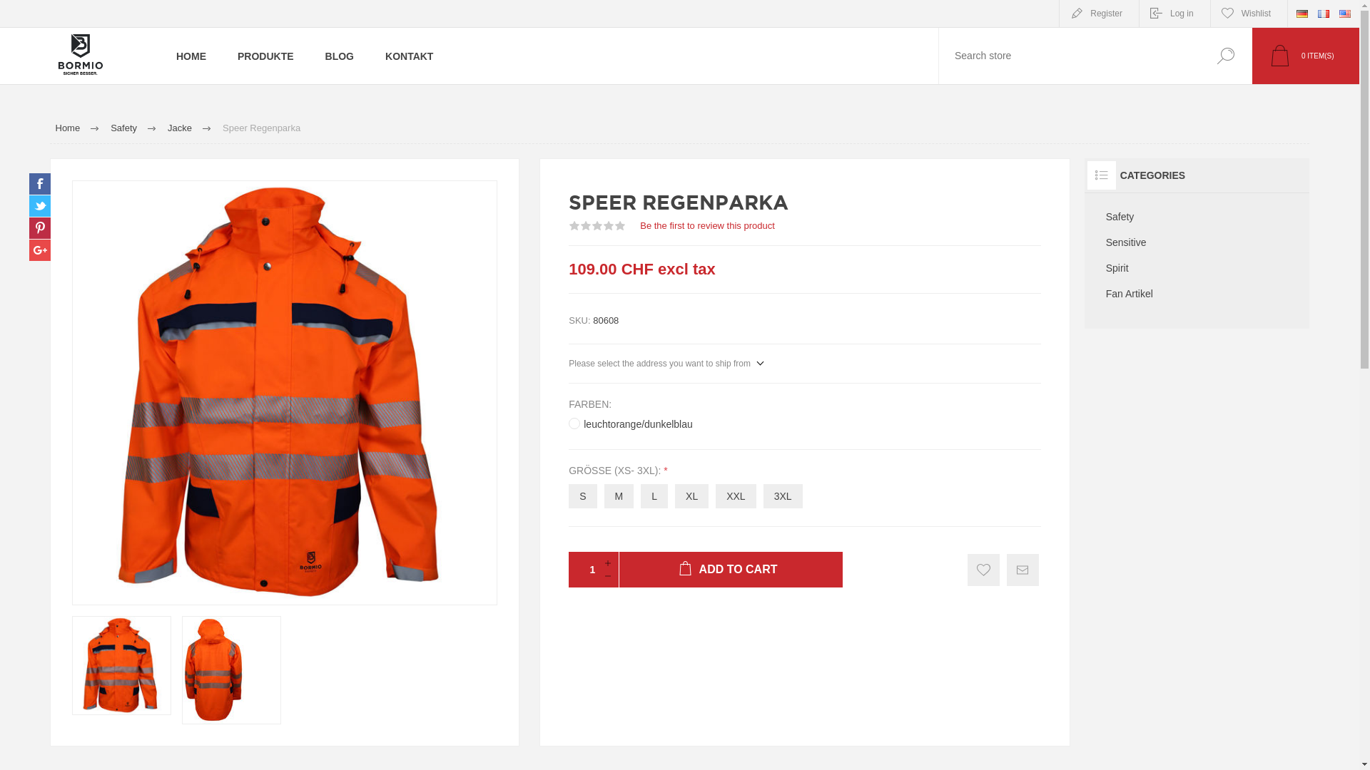 The image size is (1370, 770). Describe the element at coordinates (1344, 14) in the screenshot. I see `'English'` at that location.